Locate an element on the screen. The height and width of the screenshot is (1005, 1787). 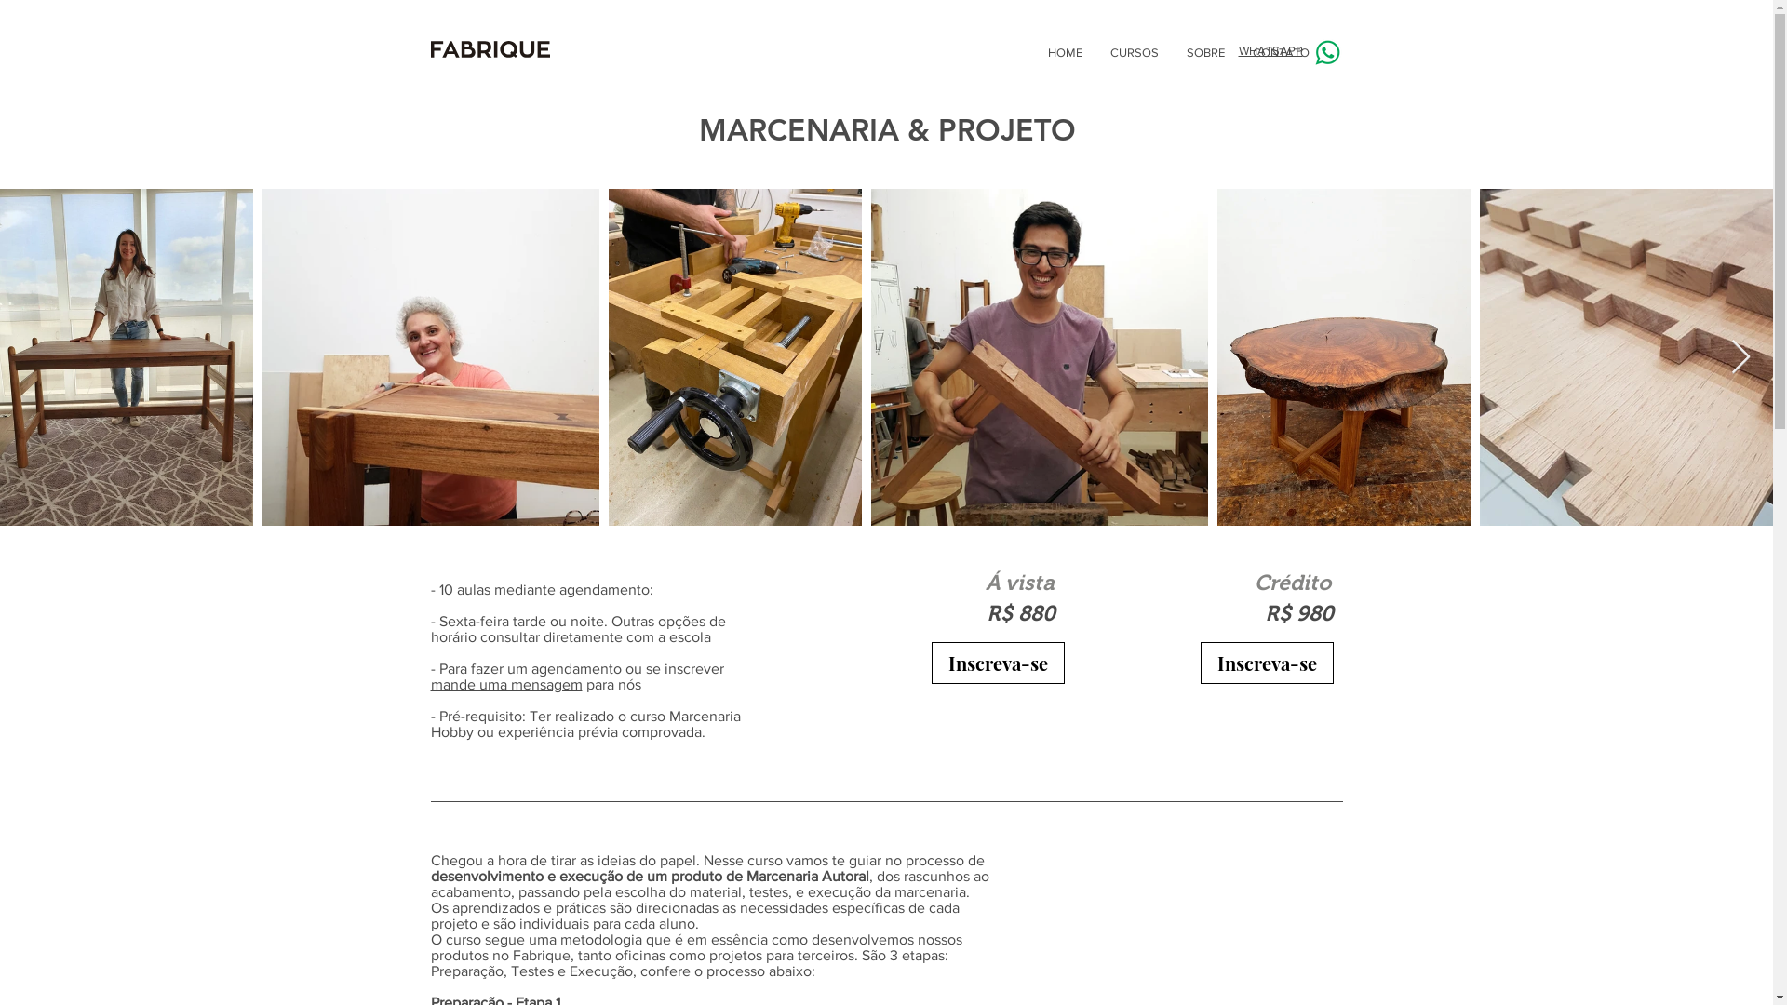
'Inscreva-se' is located at coordinates (1266, 662).